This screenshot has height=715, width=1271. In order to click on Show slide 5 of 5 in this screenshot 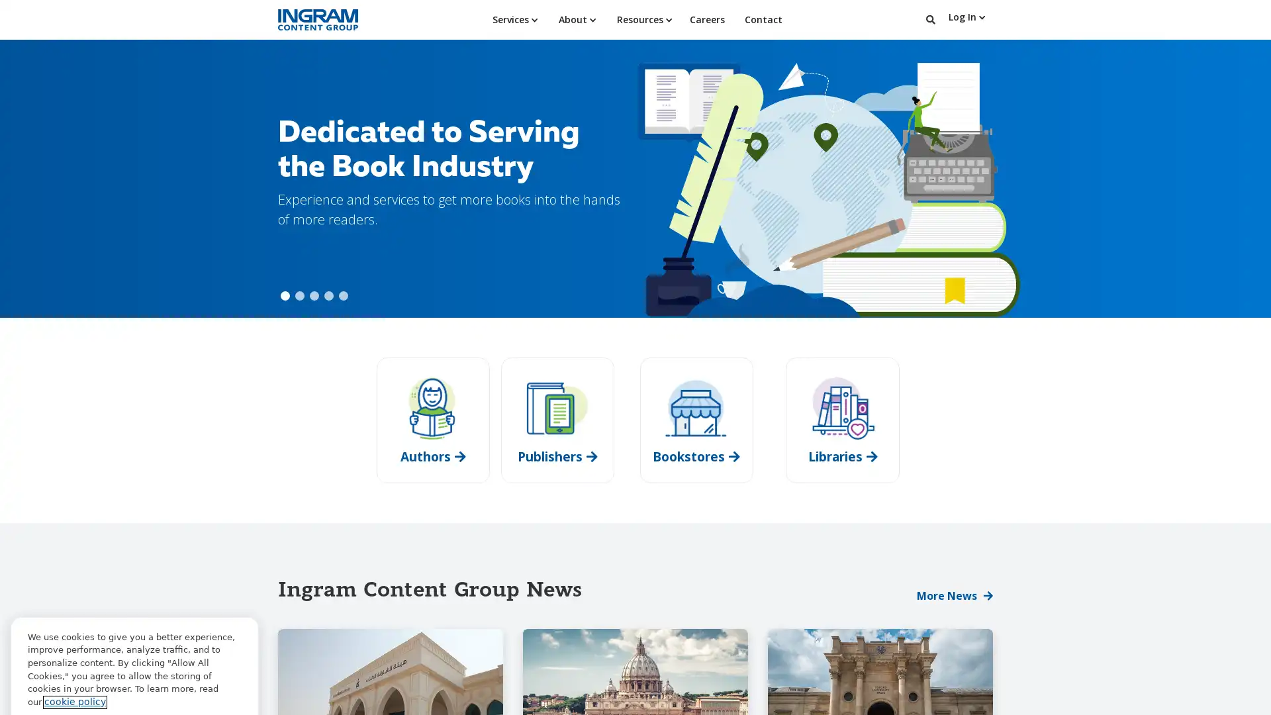, I will do `click(343, 295)`.